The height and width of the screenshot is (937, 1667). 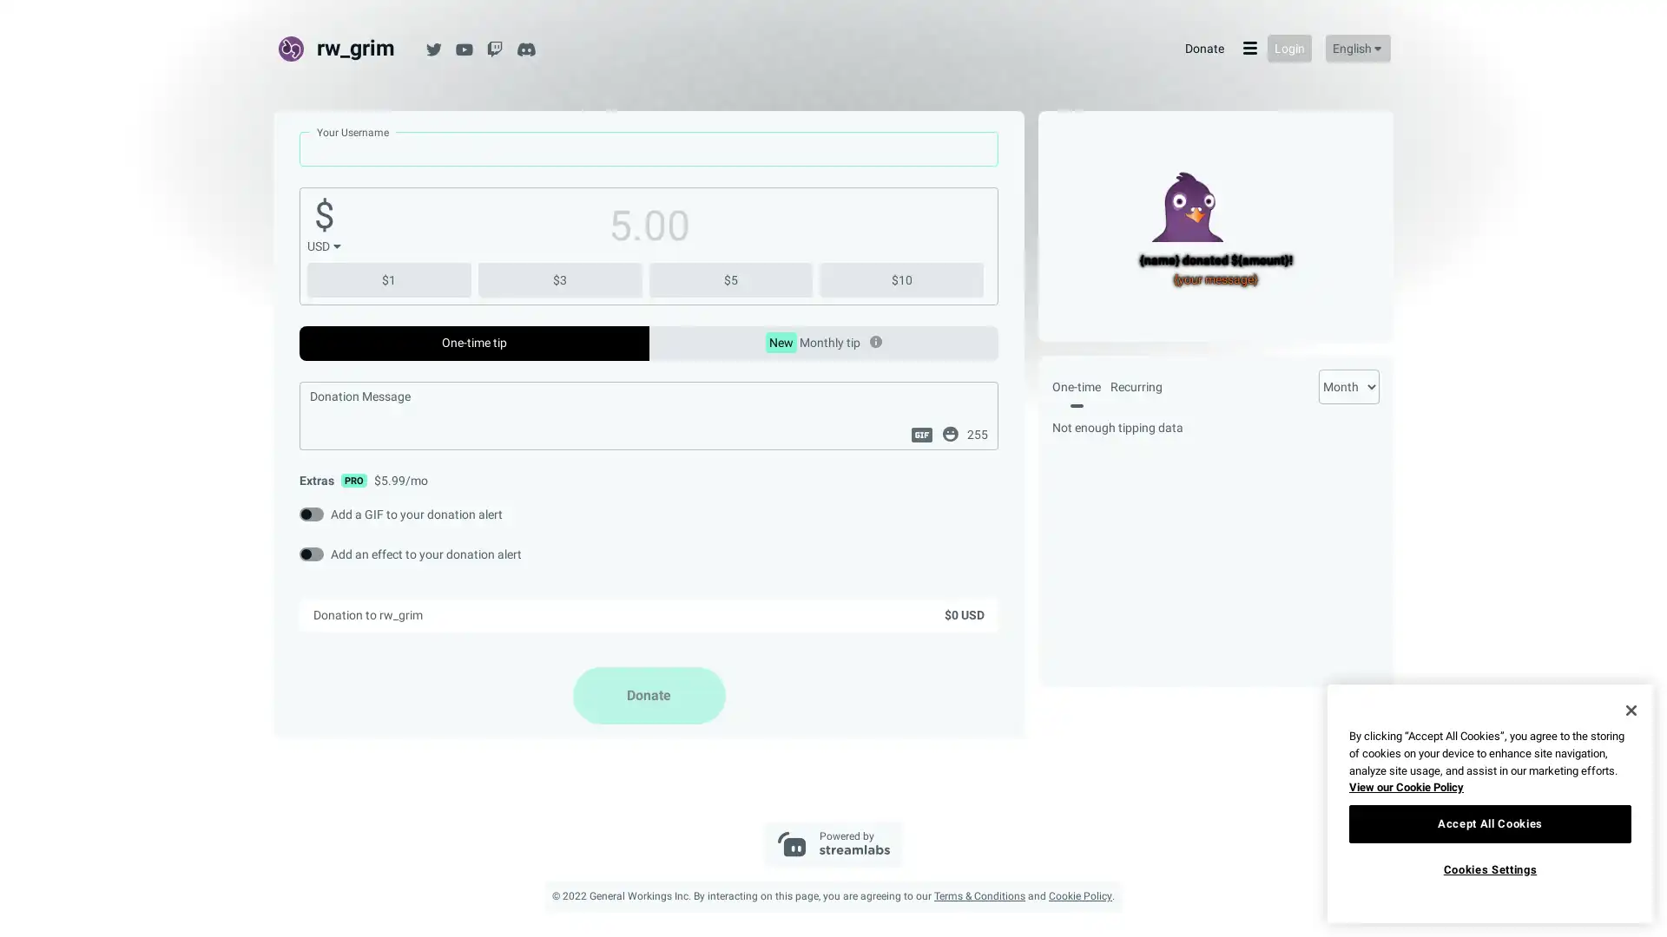 I want to click on Cookies Settings, so click(x=1489, y=869).